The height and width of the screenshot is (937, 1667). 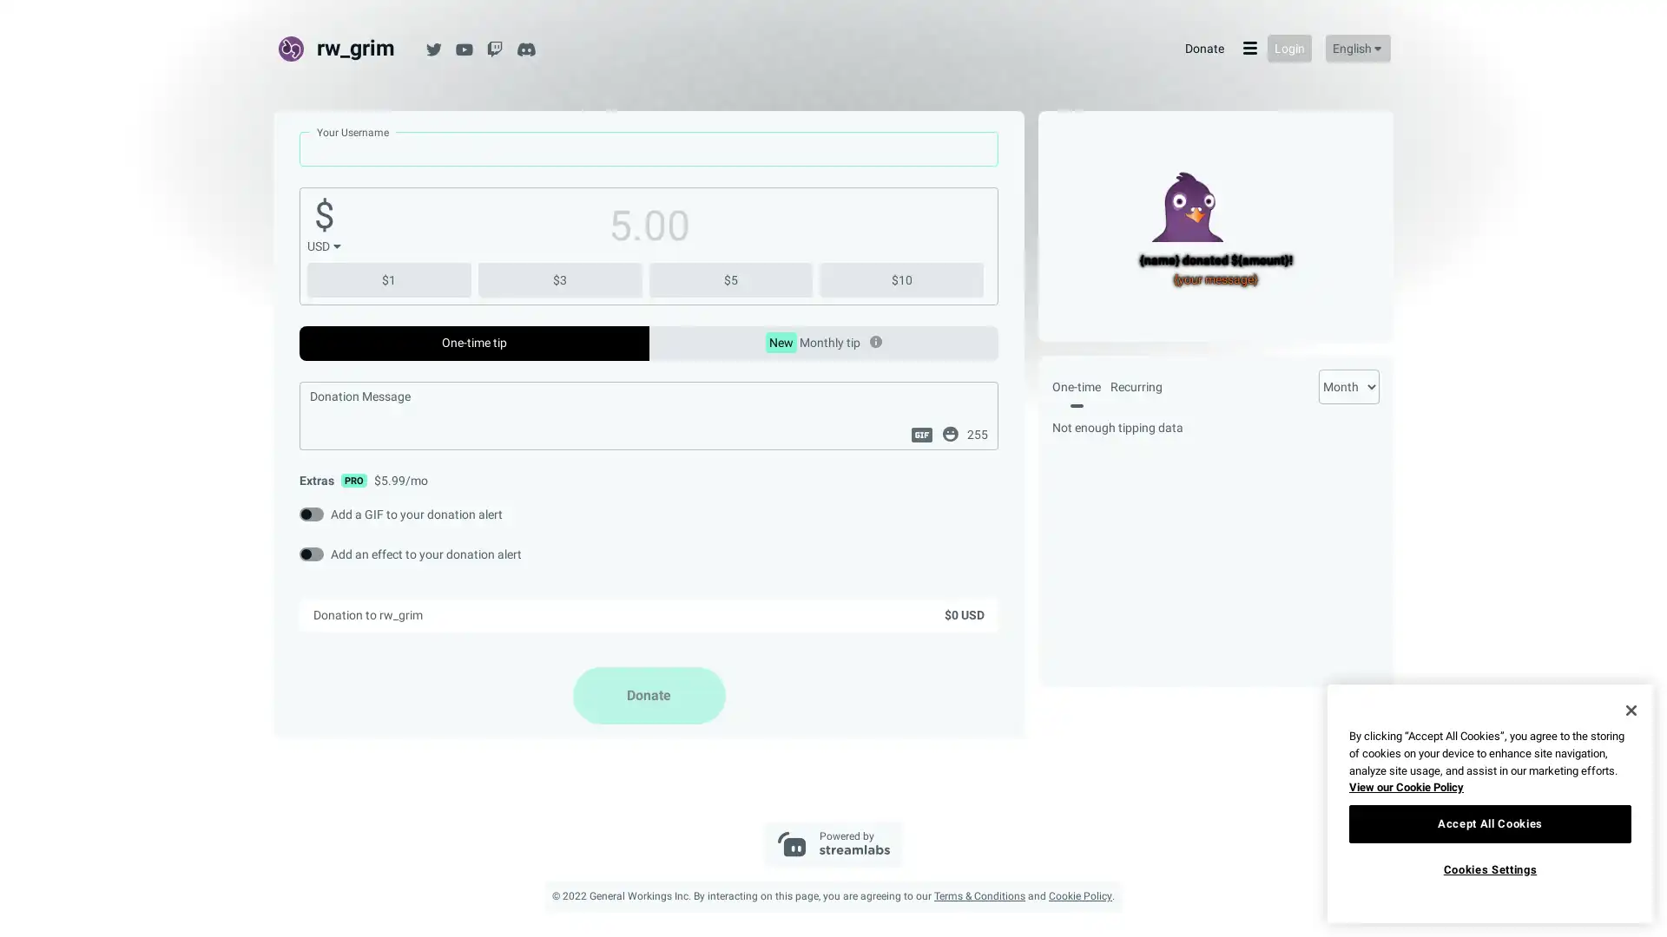 I want to click on Cookies Settings, so click(x=1489, y=869).